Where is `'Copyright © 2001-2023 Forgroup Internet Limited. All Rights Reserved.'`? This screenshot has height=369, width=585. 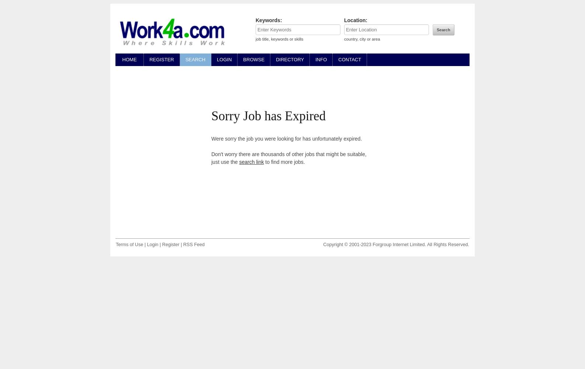
'Copyright © 2001-2023 Forgroup Internet Limited. All Rights Reserved.' is located at coordinates (322, 244).